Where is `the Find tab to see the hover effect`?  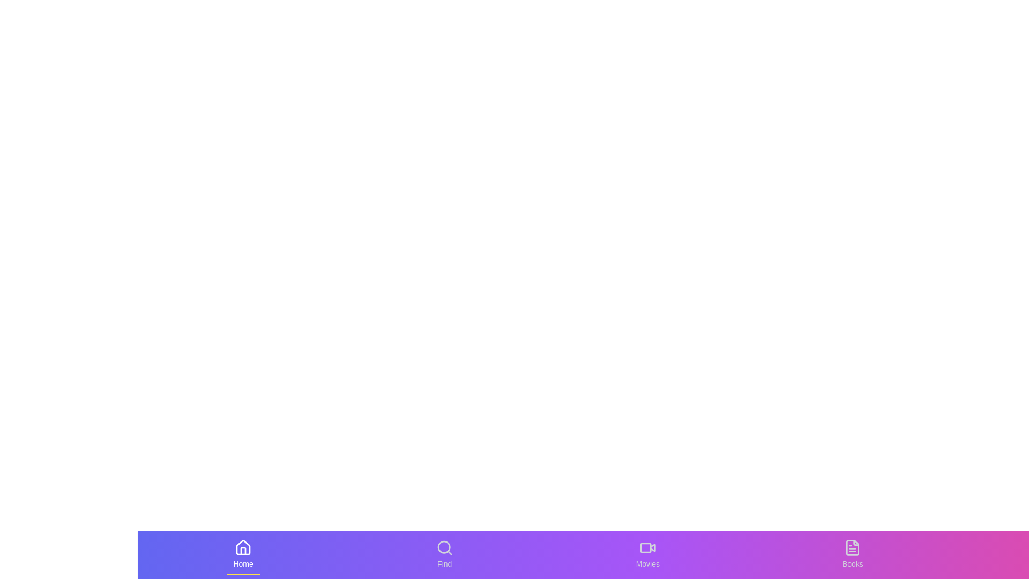
the Find tab to see the hover effect is located at coordinates (444, 554).